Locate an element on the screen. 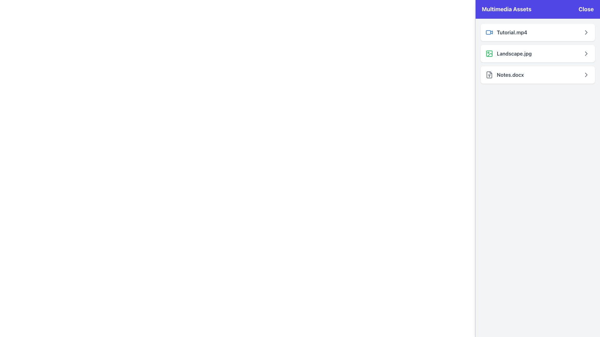 Image resolution: width=600 pixels, height=337 pixels. the navigation button located to the far right of the 'Landscape.jpg' entry in the 'Multimedia Assets' section is located at coordinates (586, 53).